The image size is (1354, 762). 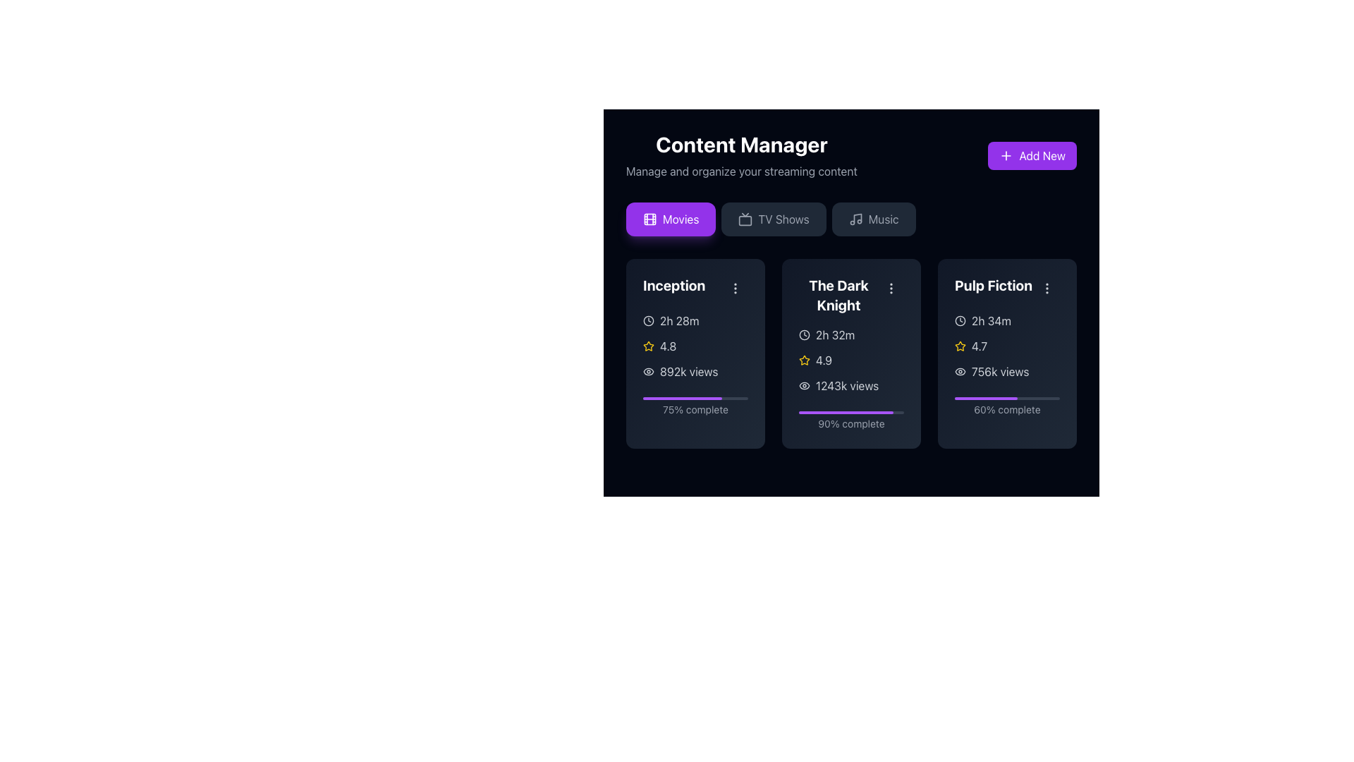 What do you see at coordinates (681, 219) in the screenshot?
I see `the 'Movies' text label within the interactive button` at bounding box center [681, 219].